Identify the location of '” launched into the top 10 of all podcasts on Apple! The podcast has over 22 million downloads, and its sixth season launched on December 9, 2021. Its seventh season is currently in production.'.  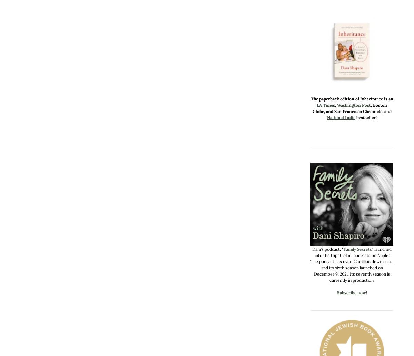
(352, 264).